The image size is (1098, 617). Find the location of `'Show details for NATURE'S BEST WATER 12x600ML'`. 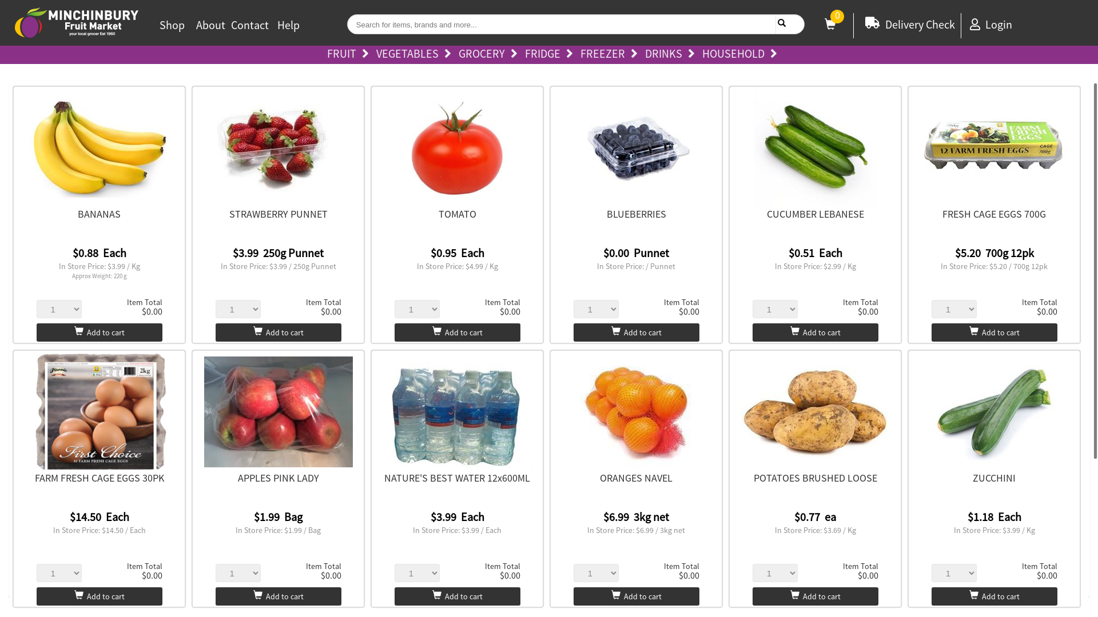

'Show details for NATURE'S BEST WATER 12x600ML' is located at coordinates (457, 412).